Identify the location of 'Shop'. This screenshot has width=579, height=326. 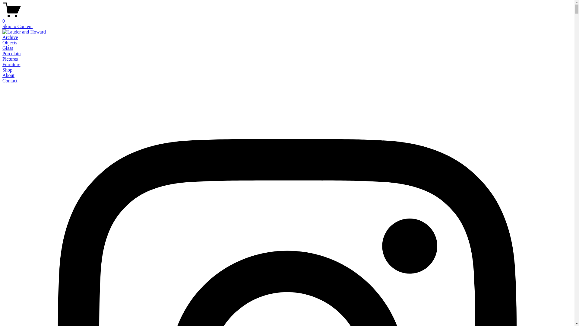
(7, 69).